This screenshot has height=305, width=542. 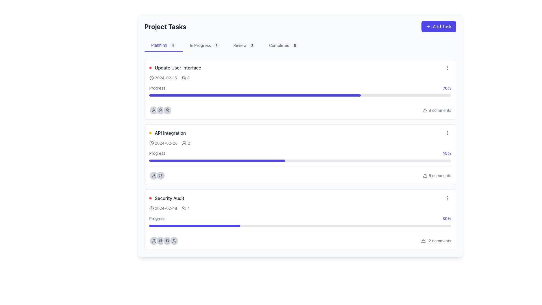 I want to click on the text label indicating the number of team members for the task 'API Integration' in the 'Planning' category, located to the right of the date '2024-02-20', so click(x=186, y=143).